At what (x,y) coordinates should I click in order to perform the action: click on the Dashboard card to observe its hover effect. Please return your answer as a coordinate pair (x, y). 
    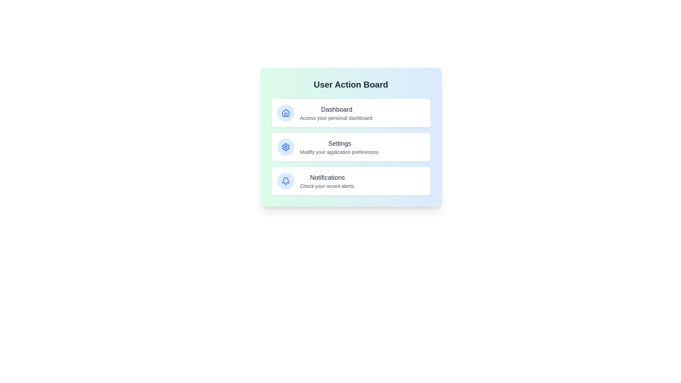
    Looking at the image, I should click on (351, 113).